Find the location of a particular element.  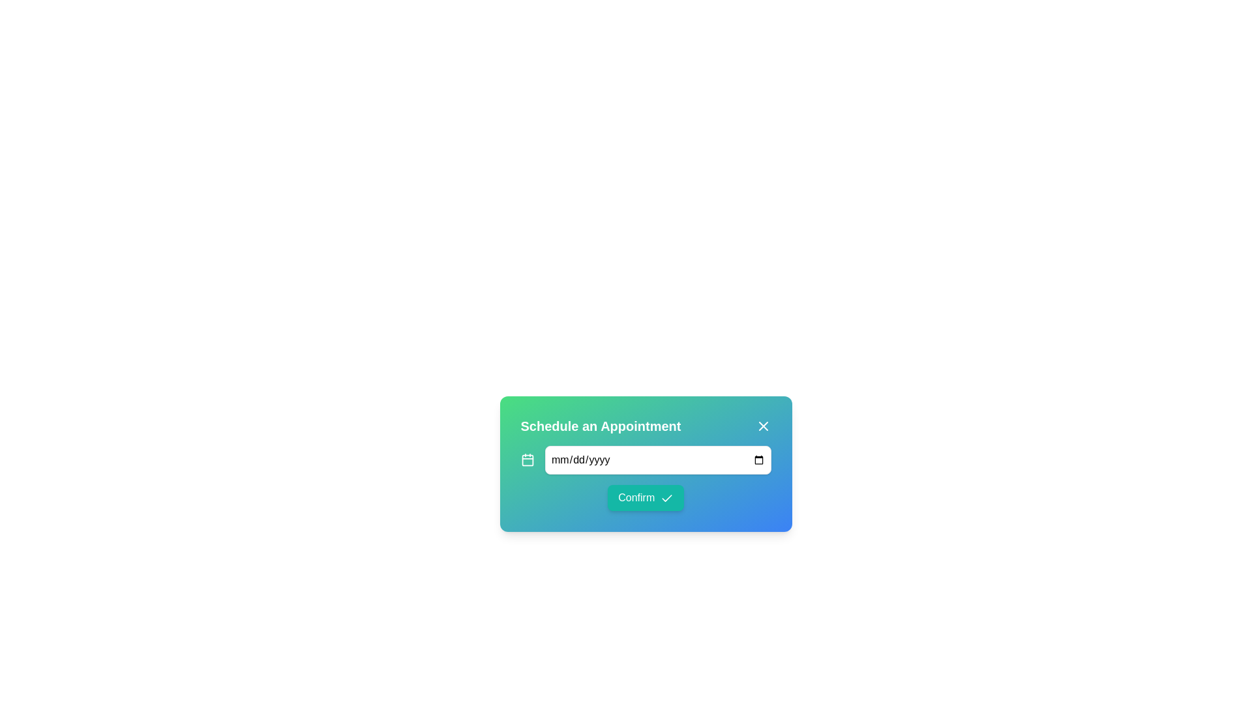

the rectangular turquoise button labeled 'Confirm' is located at coordinates (646, 497).